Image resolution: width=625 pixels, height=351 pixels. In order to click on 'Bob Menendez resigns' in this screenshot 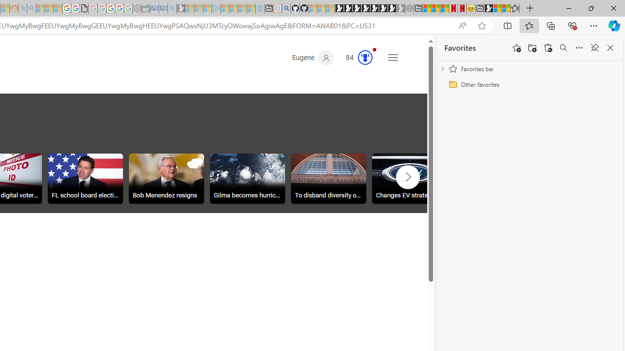, I will do `click(167, 180)`.